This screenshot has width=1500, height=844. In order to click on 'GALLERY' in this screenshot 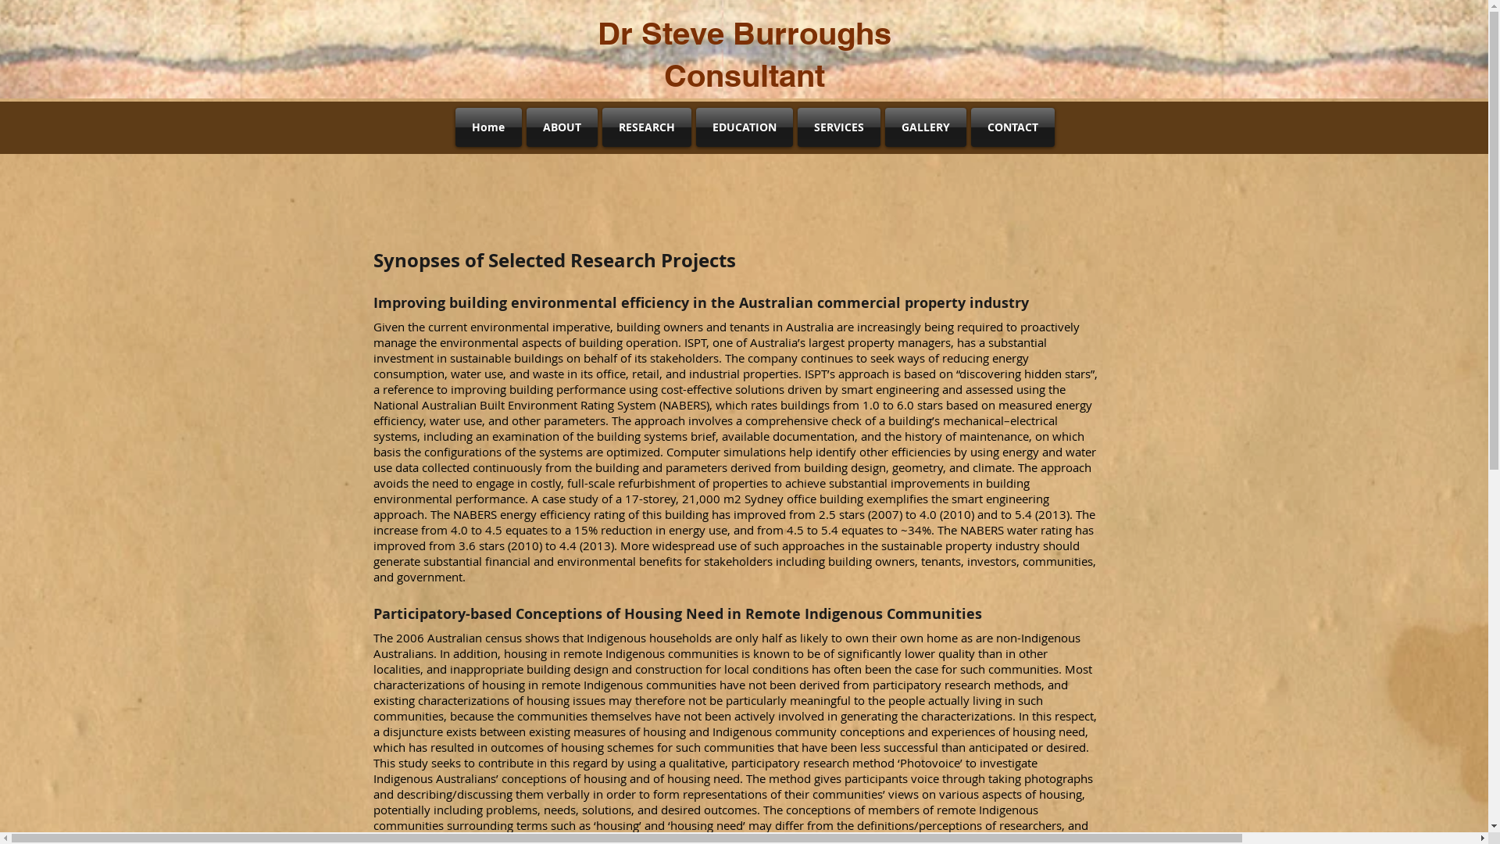, I will do `click(926, 126)`.